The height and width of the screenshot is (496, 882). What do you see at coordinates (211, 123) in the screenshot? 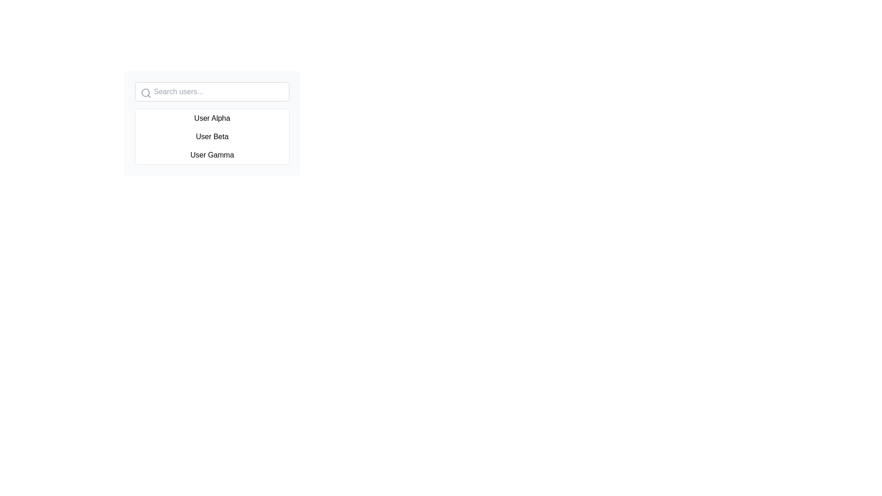
I see `to select the list item labeled 'User Alpha', which is the first item in a vertically aligned list below the 'Search users...' input field` at bounding box center [211, 123].